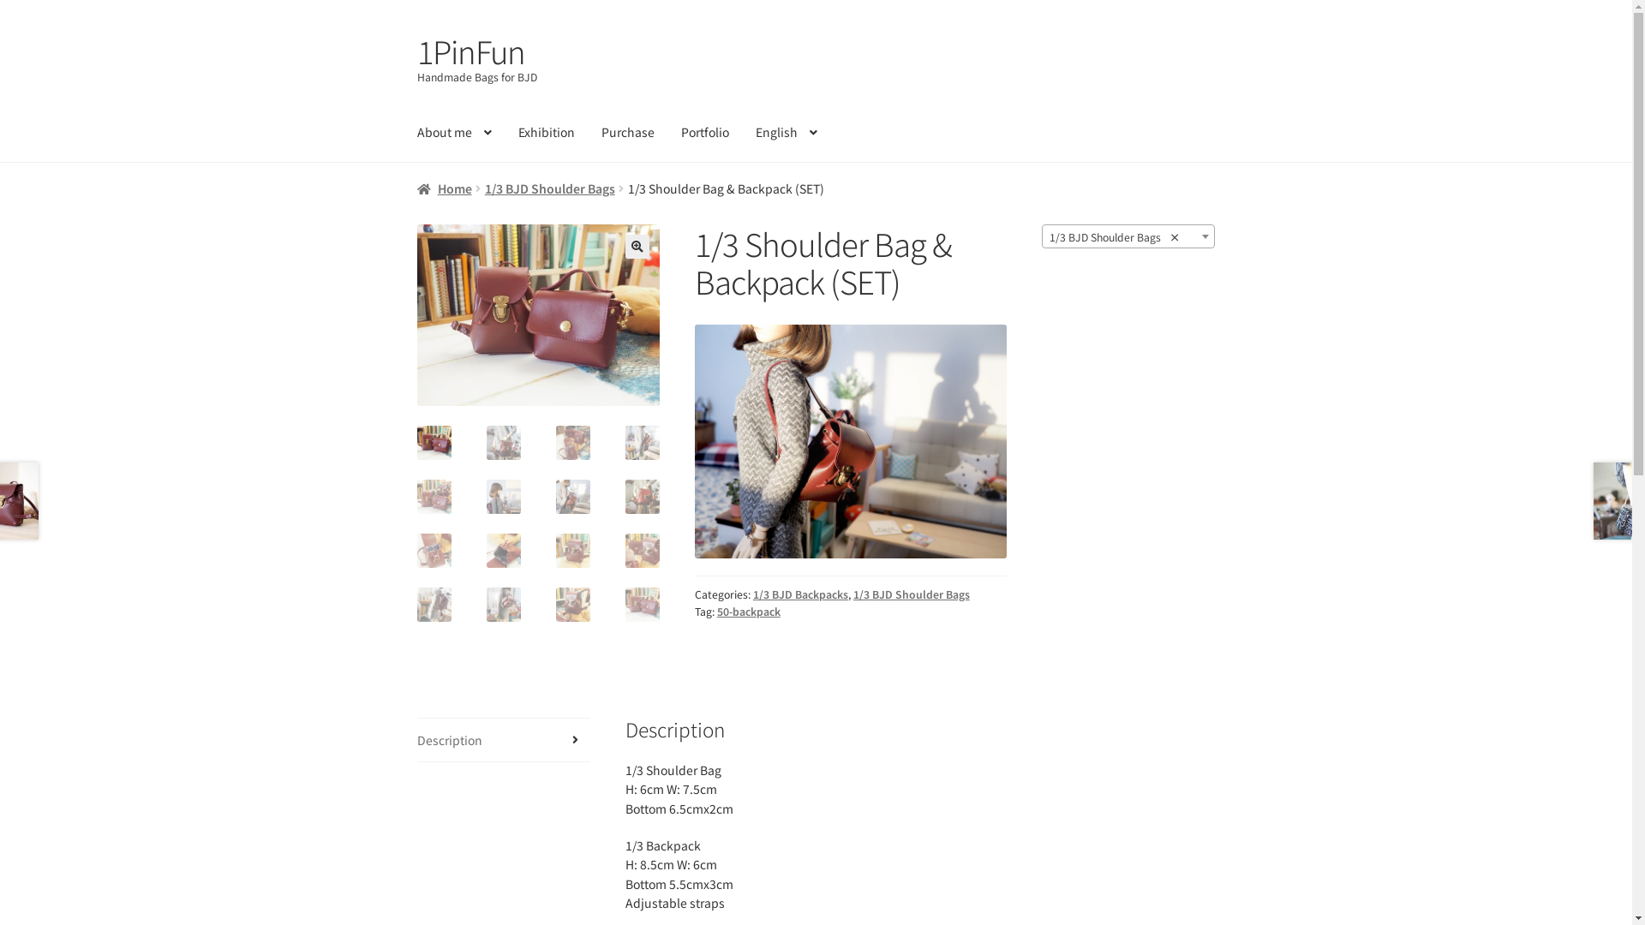 The image size is (1645, 925). Describe the element at coordinates (780, 386) in the screenshot. I see `'OLYMPUS DIGITAL CAMERA'` at that location.